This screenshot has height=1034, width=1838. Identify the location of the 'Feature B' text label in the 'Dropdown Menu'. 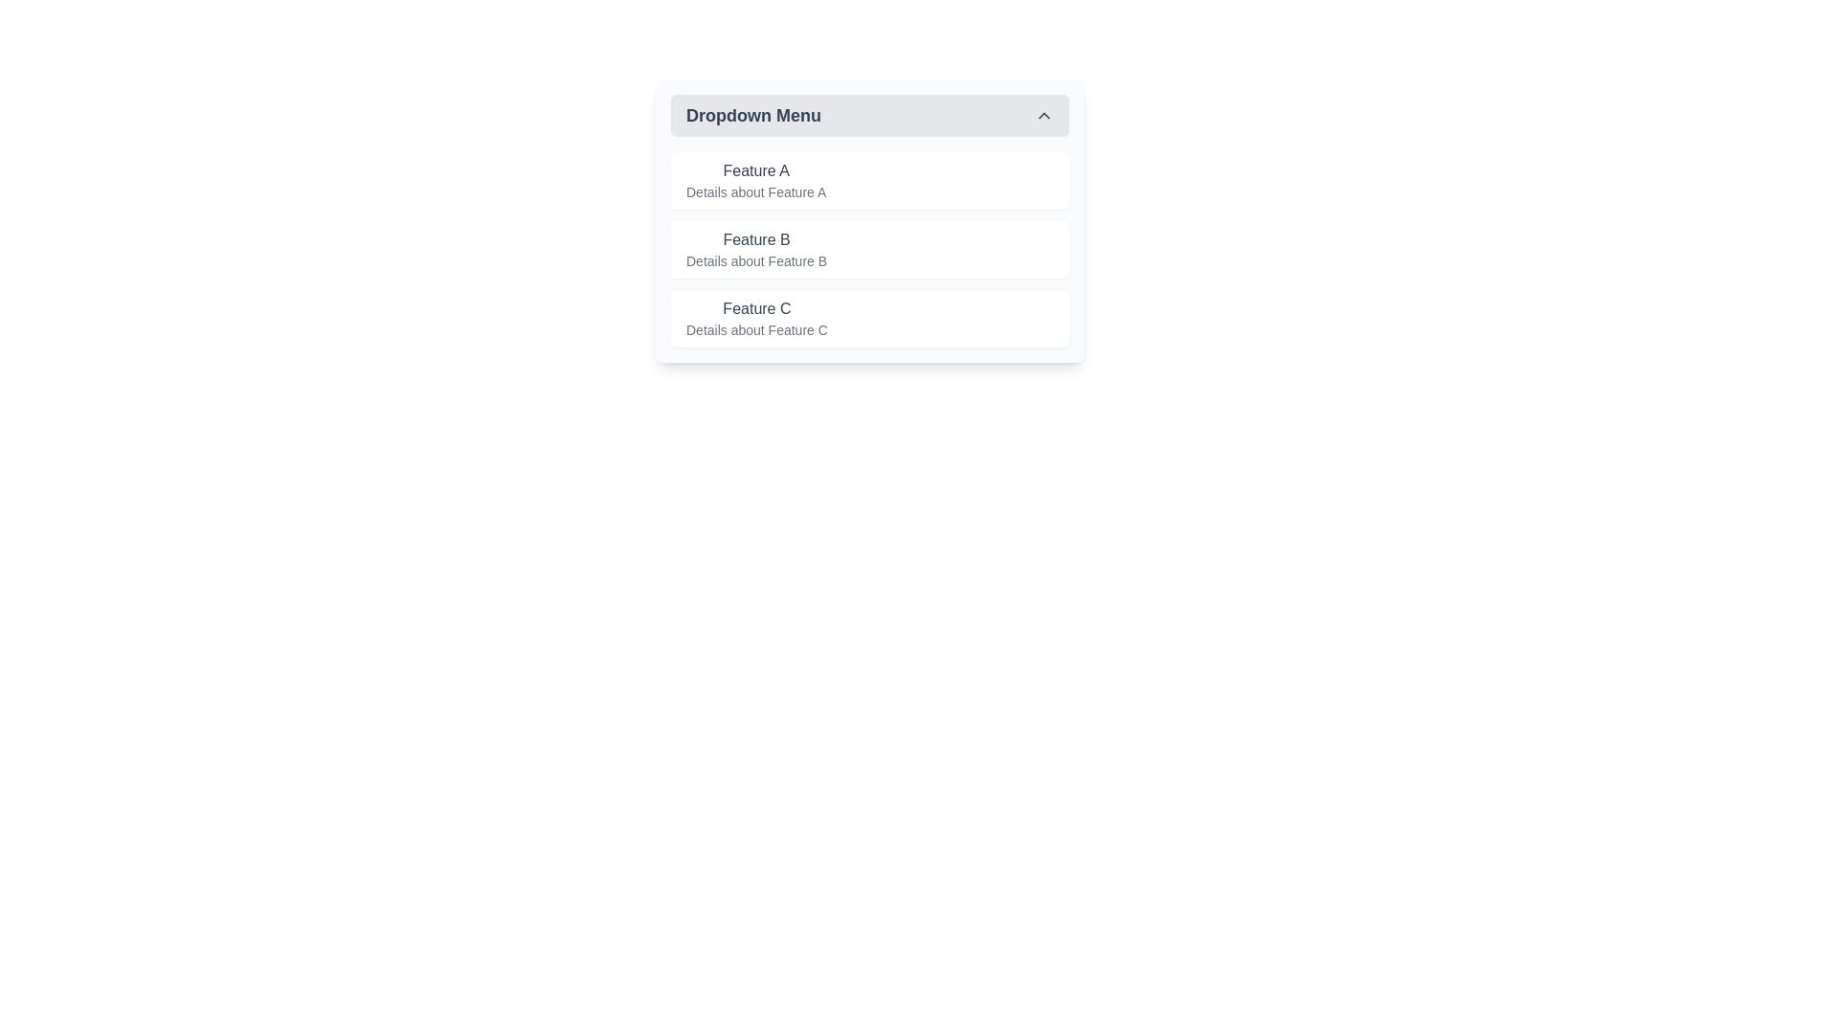
(755, 249).